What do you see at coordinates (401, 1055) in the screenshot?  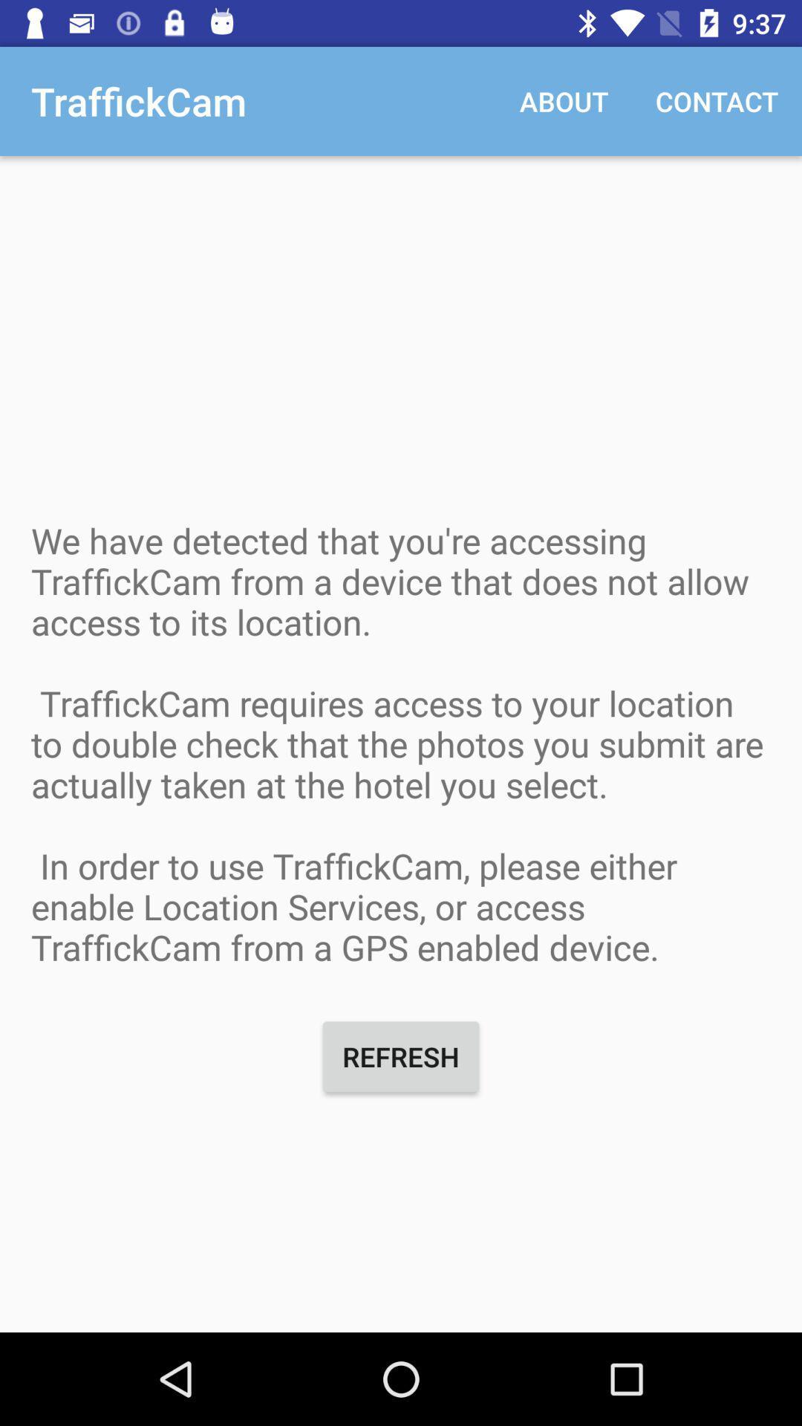 I see `the refresh icon` at bounding box center [401, 1055].